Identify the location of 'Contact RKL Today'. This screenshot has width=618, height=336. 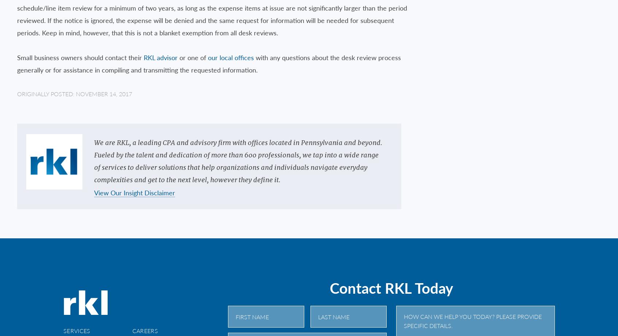
(391, 287).